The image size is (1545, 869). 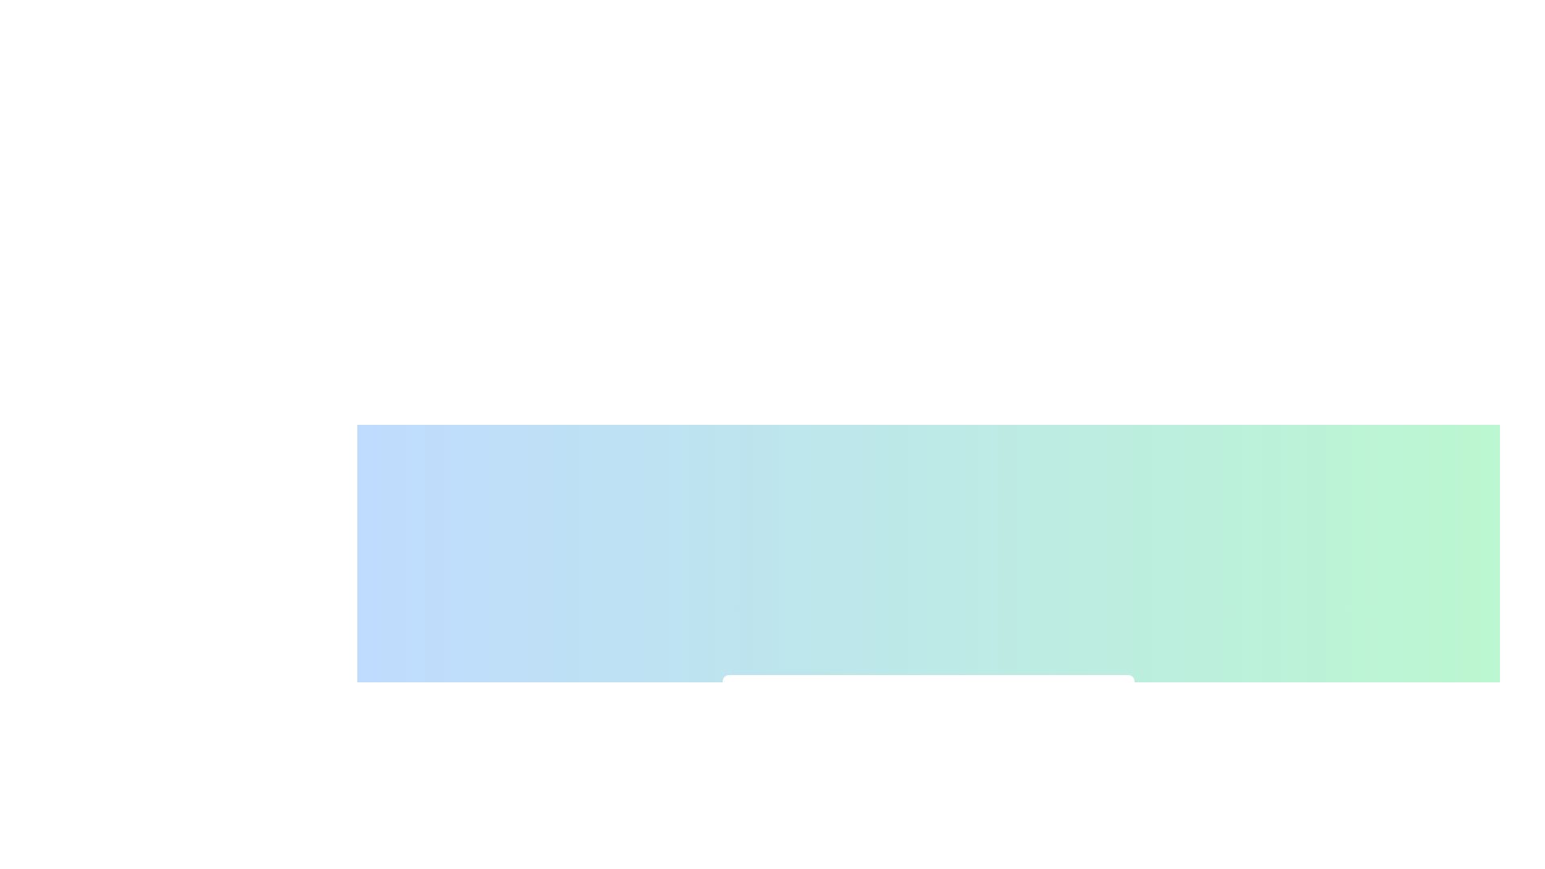 I want to click on the slider value, so click(x=985, y=786).